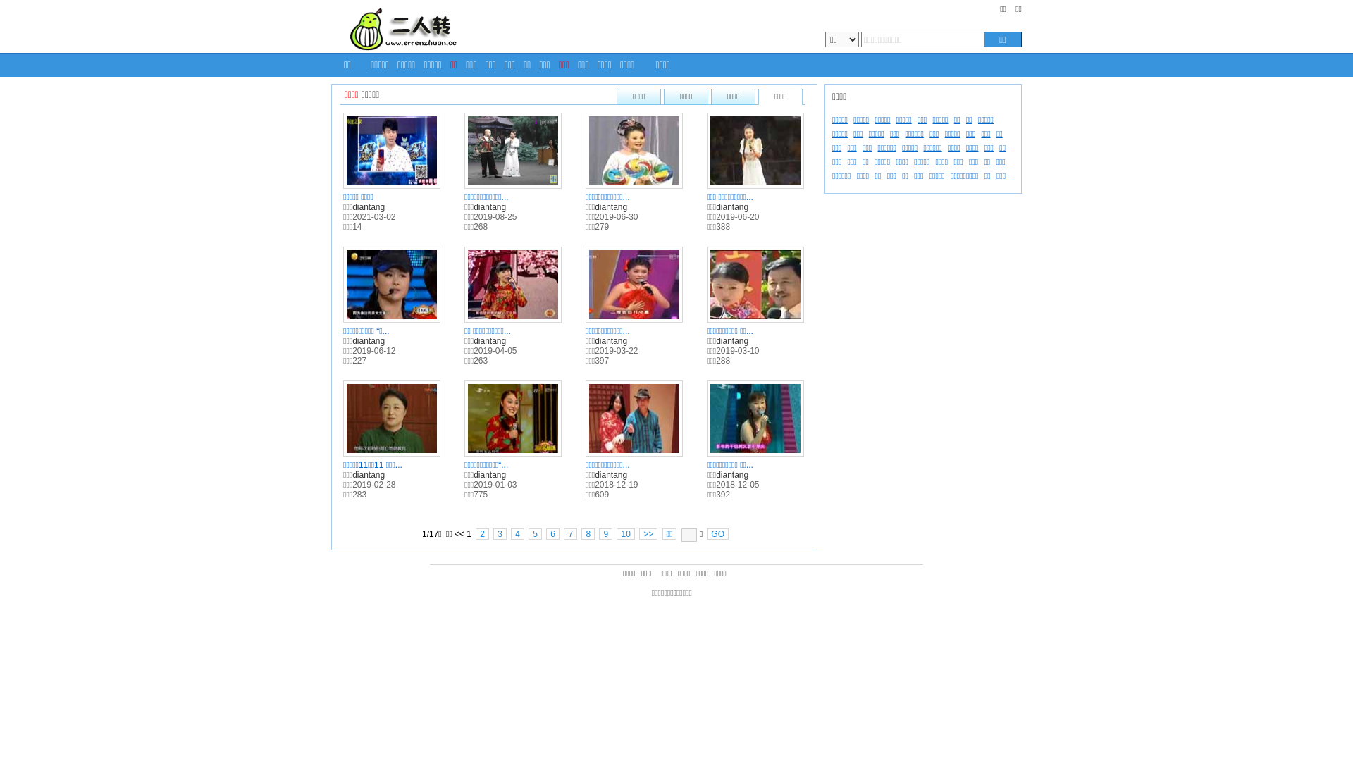  Describe the element at coordinates (482, 534) in the screenshot. I see `'2'` at that location.